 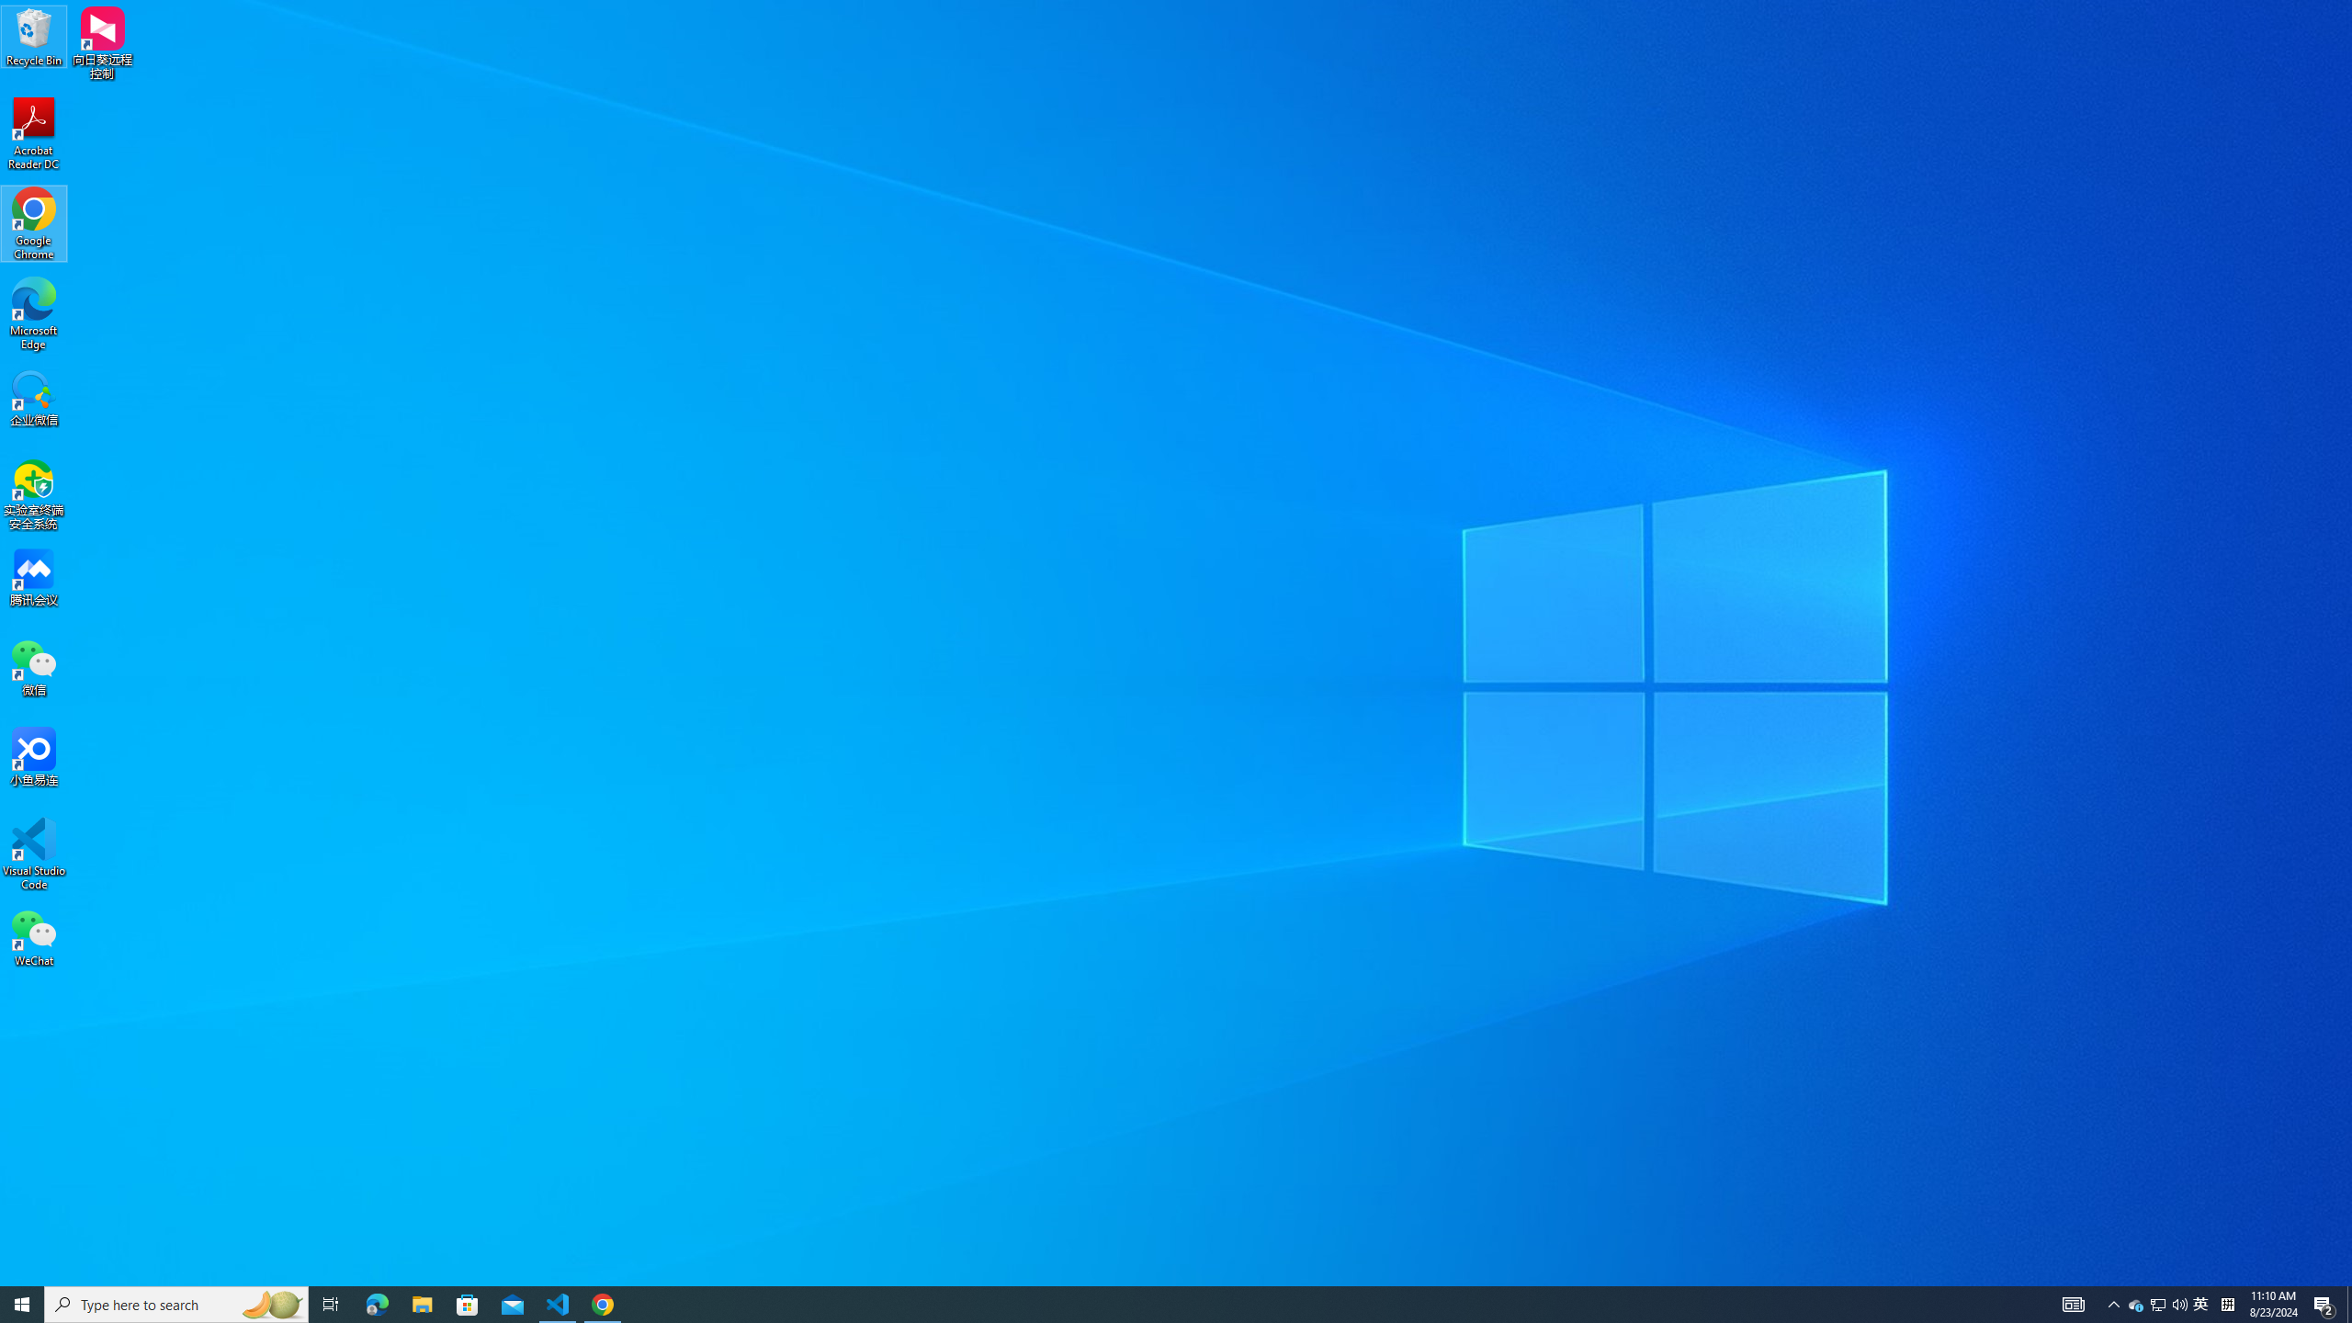 What do you see at coordinates (33, 936) in the screenshot?
I see `'WeChat'` at bounding box center [33, 936].